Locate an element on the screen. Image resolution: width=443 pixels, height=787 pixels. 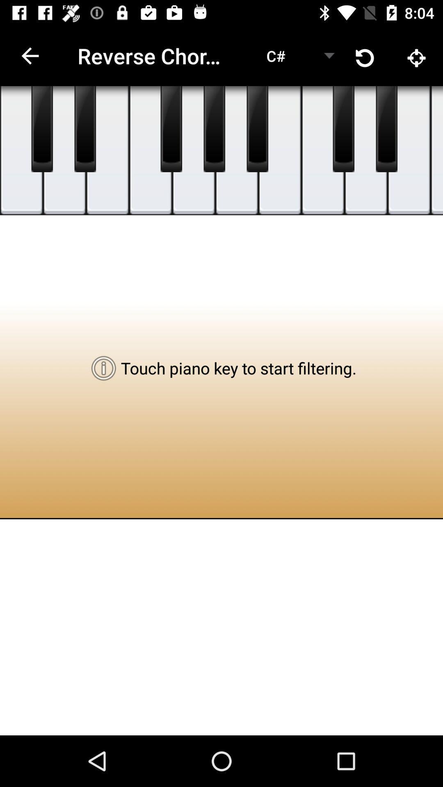
the item below the reverse chord lookup app is located at coordinates (194, 150).